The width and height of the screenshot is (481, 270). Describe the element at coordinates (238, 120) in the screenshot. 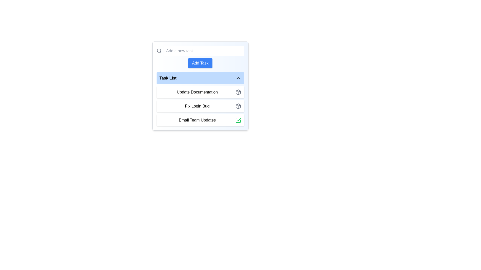

I see `the checkbox icon indicating task completion status for the item 'Email Team Updates'` at that location.